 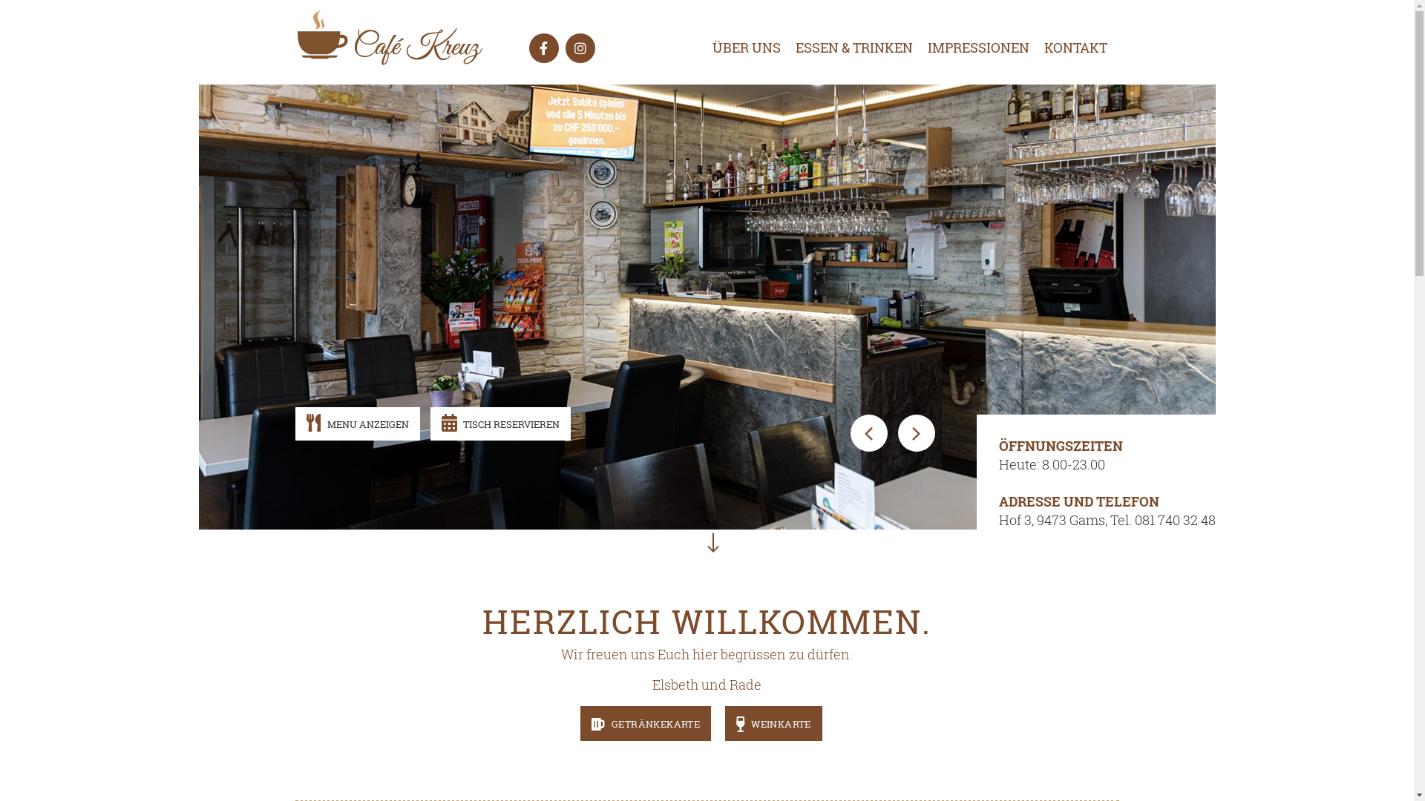 I want to click on 'TISCH RESERVIEREN', so click(x=500, y=423).